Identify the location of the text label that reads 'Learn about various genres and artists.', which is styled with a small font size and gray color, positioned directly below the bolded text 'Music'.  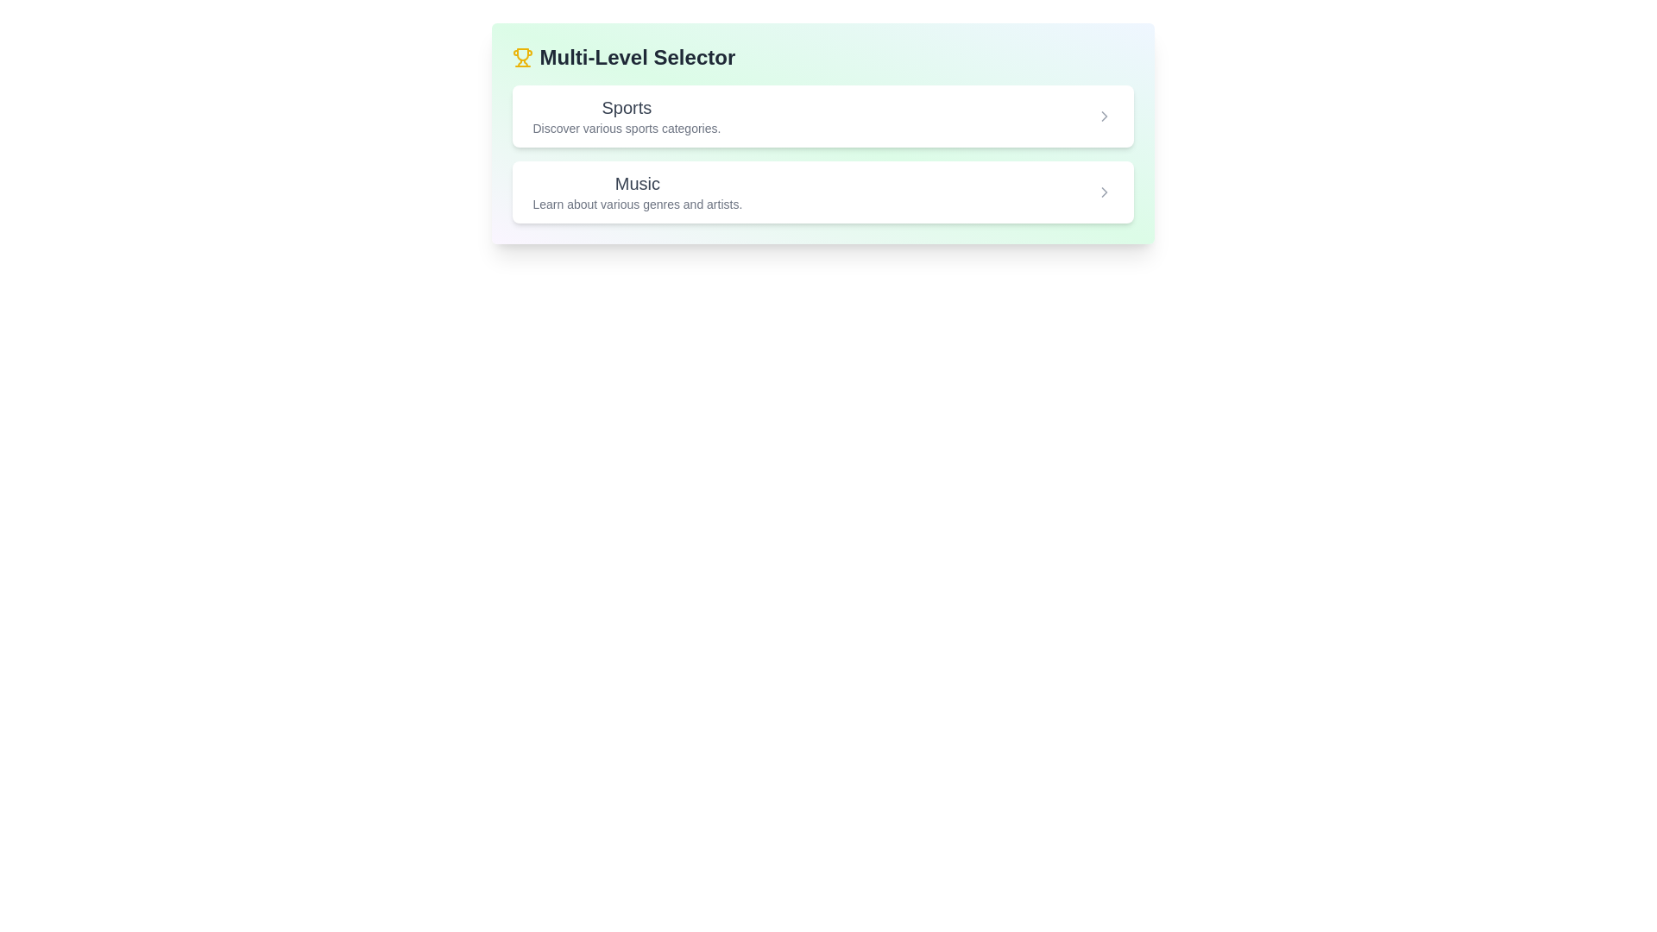
(636, 203).